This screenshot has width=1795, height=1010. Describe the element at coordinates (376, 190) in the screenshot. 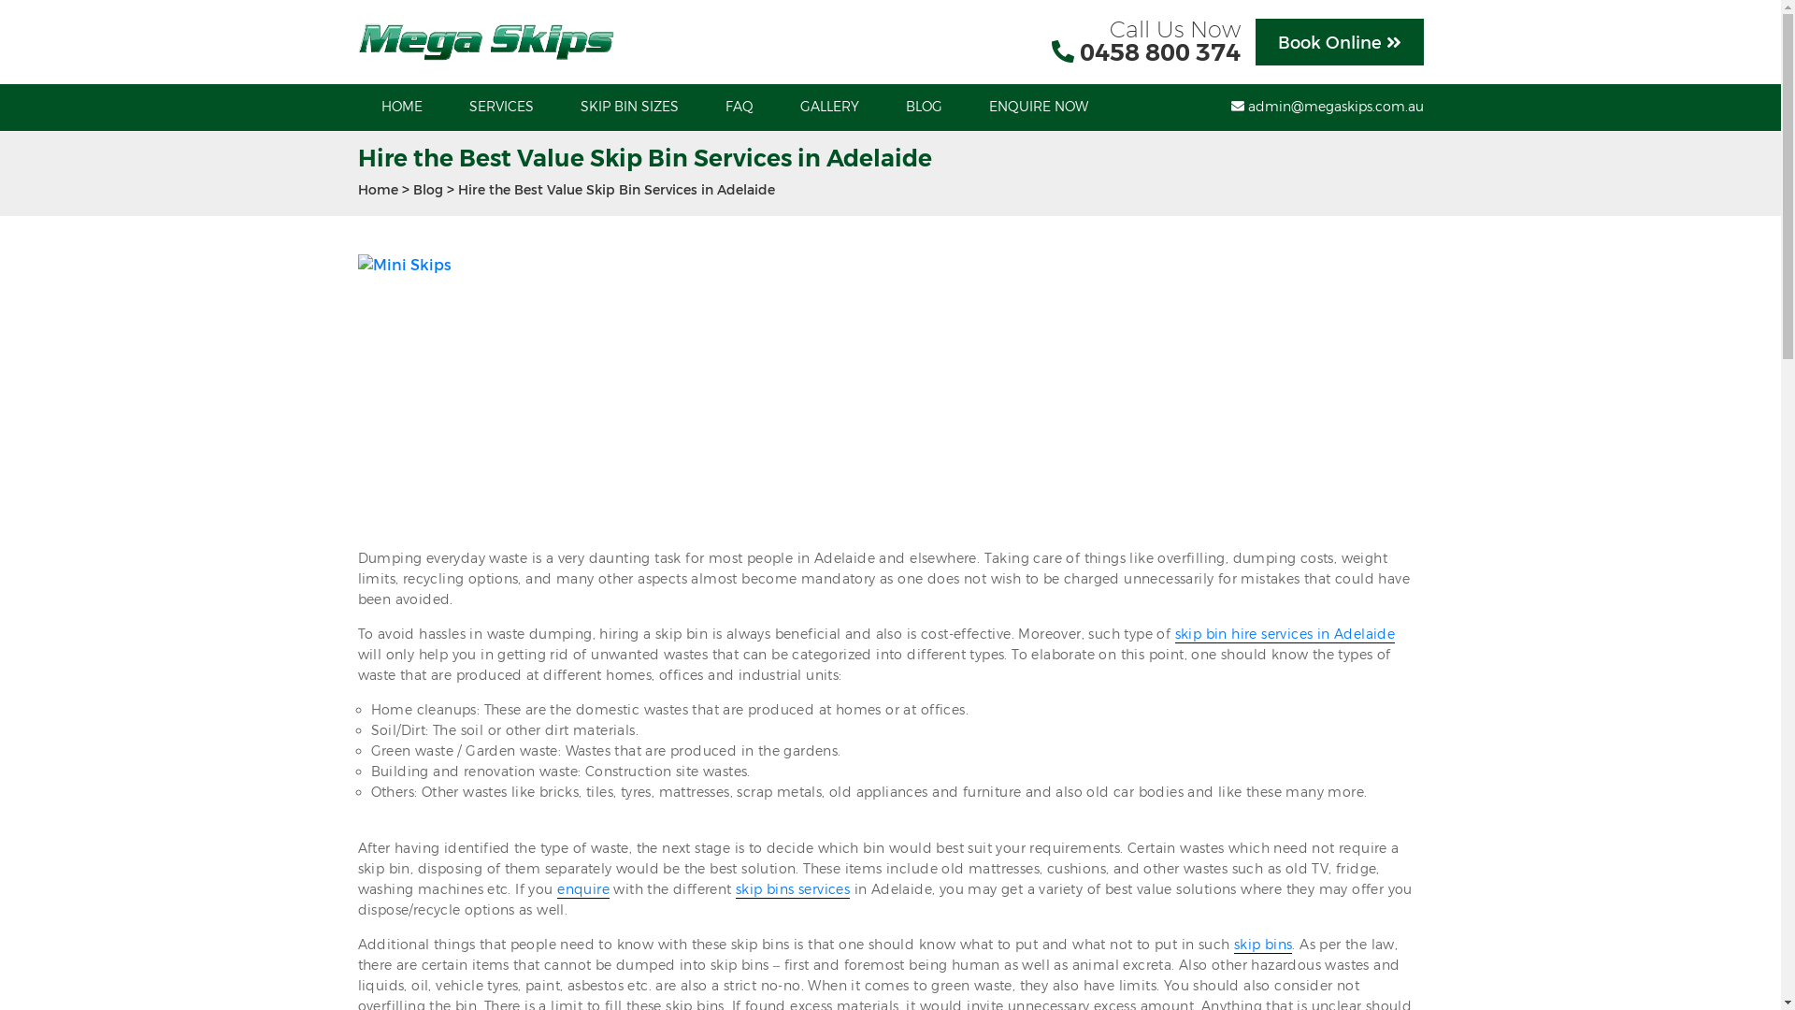

I see `'Home'` at that location.